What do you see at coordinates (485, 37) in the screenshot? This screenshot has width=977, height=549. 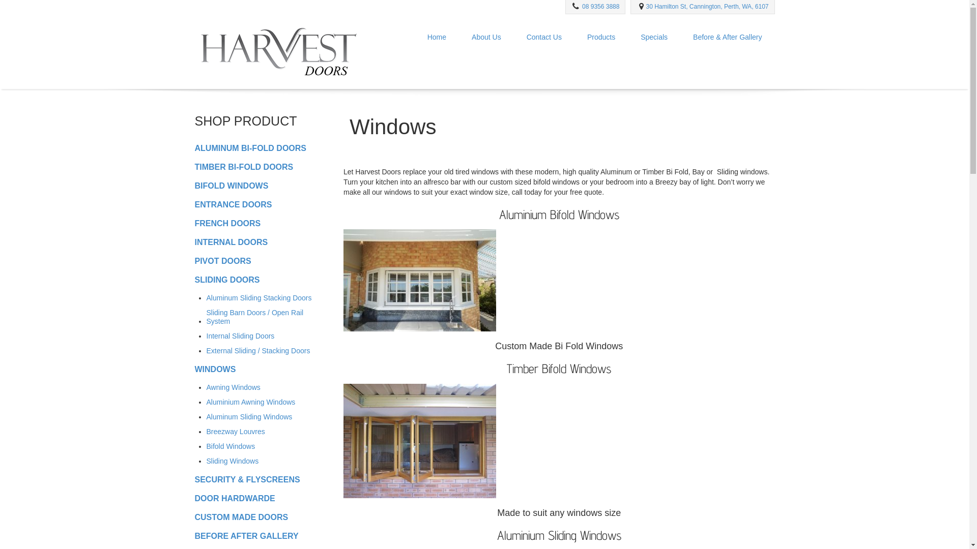 I see `'About Us'` at bounding box center [485, 37].